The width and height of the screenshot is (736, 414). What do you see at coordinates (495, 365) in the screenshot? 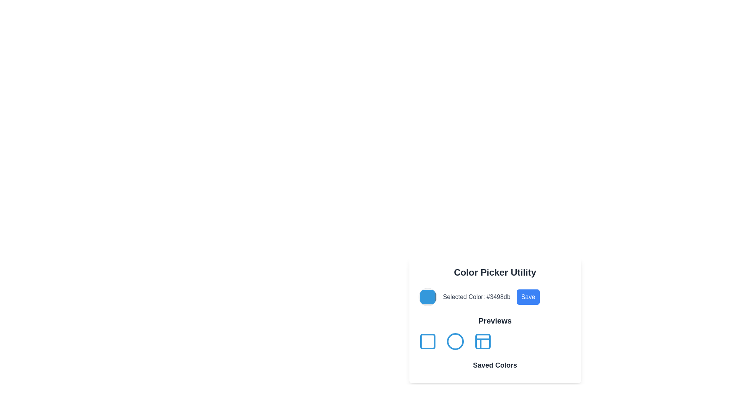
I see `text element labeled 'Saved Colors' which is styled in bold, sans-serif and located at the bottom-center of the 'Color Picker Utility' section` at bounding box center [495, 365].